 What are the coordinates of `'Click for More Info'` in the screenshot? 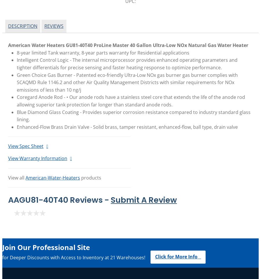 It's located at (178, 256).